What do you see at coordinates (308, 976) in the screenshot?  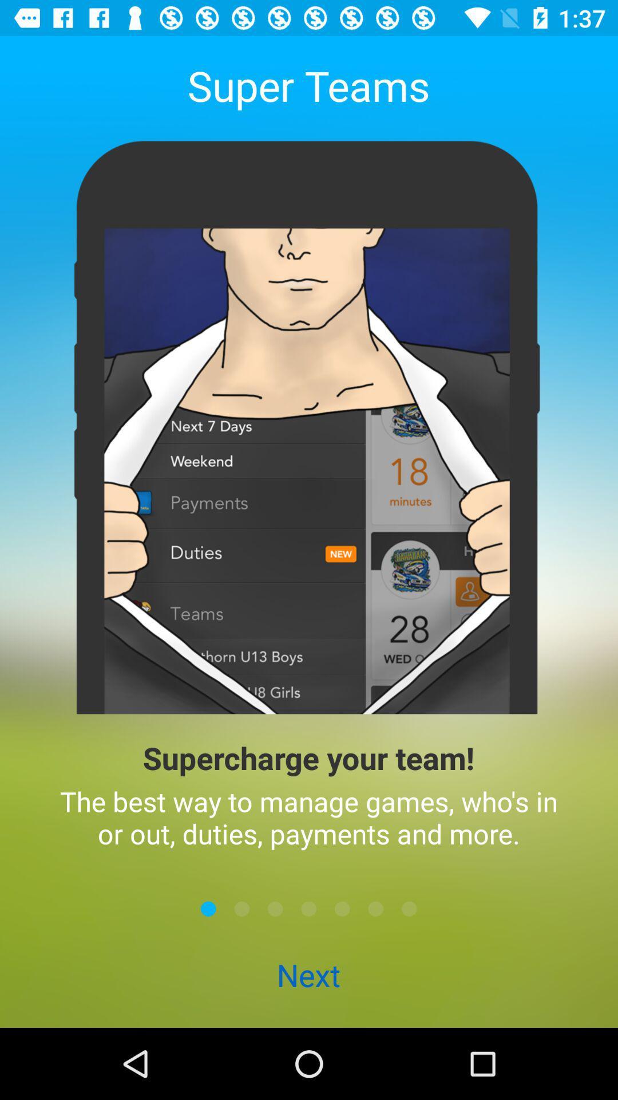 I see `the next icon` at bounding box center [308, 976].